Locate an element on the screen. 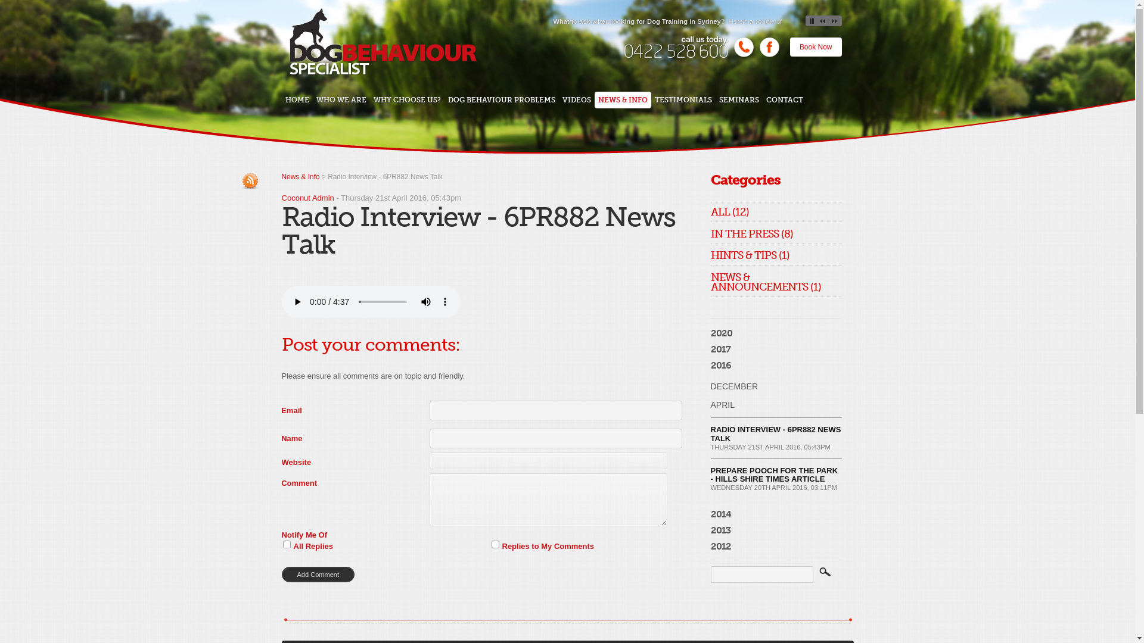 This screenshot has height=643, width=1144. 'Previous' is located at coordinates (817, 20).